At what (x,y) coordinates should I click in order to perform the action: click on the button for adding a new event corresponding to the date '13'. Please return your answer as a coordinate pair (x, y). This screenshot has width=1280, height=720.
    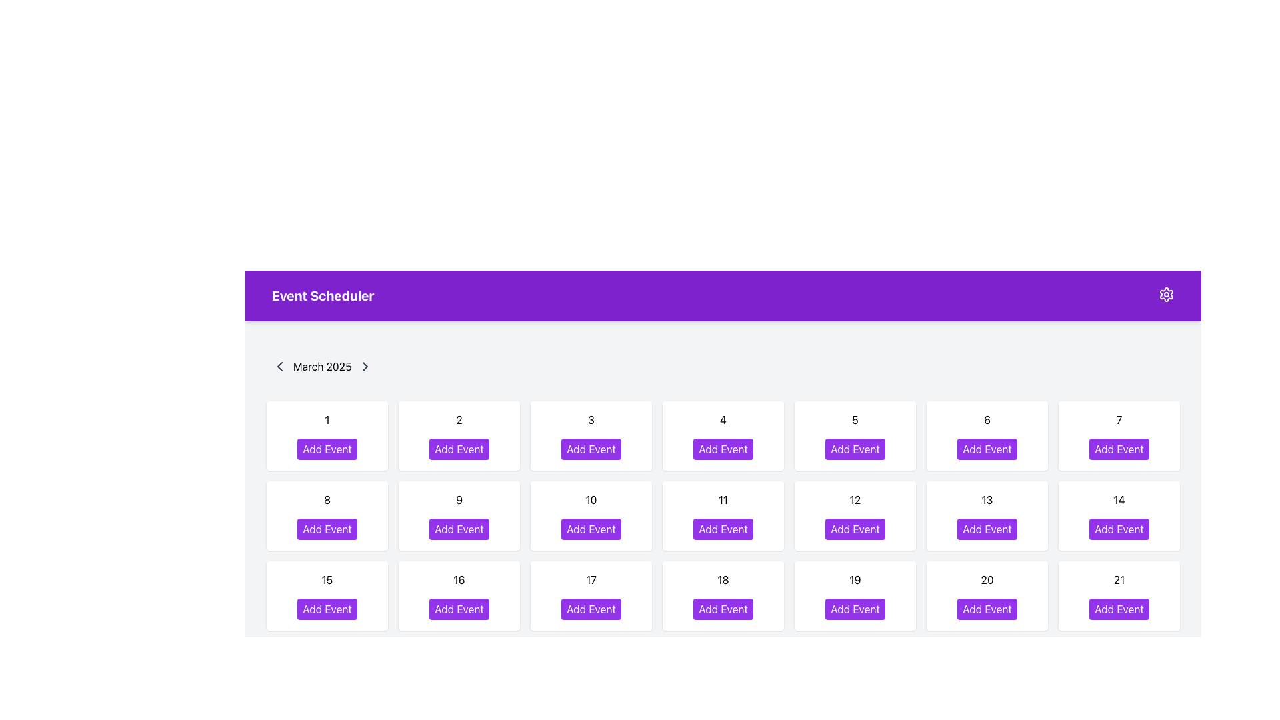
    Looking at the image, I should click on (987, 529).